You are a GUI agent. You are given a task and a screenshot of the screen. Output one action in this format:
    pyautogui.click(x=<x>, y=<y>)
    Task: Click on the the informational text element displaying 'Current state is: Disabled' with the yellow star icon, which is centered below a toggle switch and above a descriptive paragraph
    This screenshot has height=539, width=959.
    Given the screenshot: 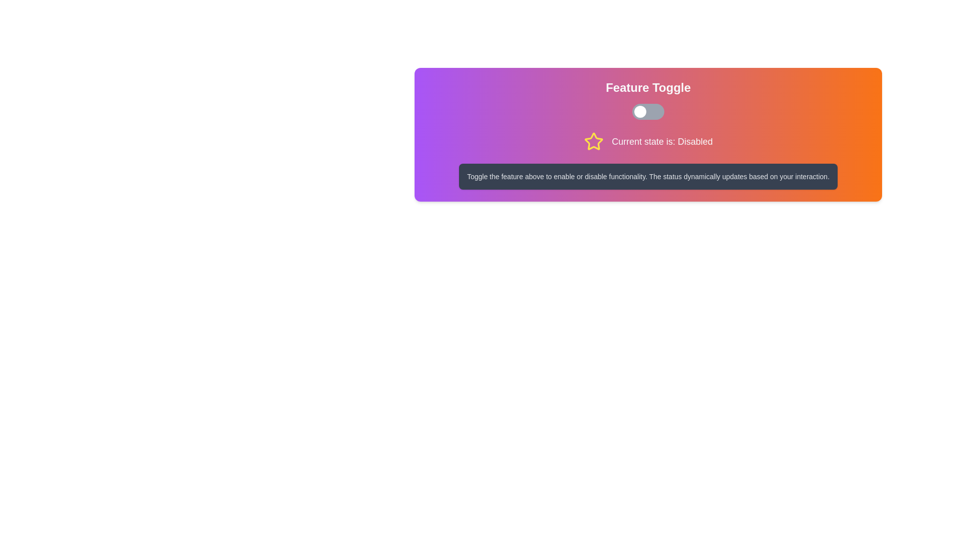 What is the action you would take?
    pyautogui.click(x=648, y=142)
    